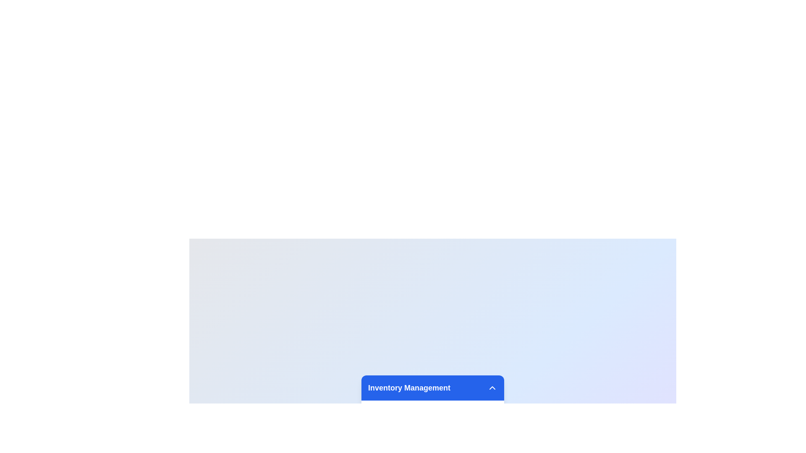 This screenshot has width=806, height=453. What do you see at coordinates (492, 388) in the screenshot?
I see `the toggle icon, a downward-pointing chevron styled in white on a blue background, located at the top-right corner of the blue bar for keyboard navigation` at bounding box center [492, 388].